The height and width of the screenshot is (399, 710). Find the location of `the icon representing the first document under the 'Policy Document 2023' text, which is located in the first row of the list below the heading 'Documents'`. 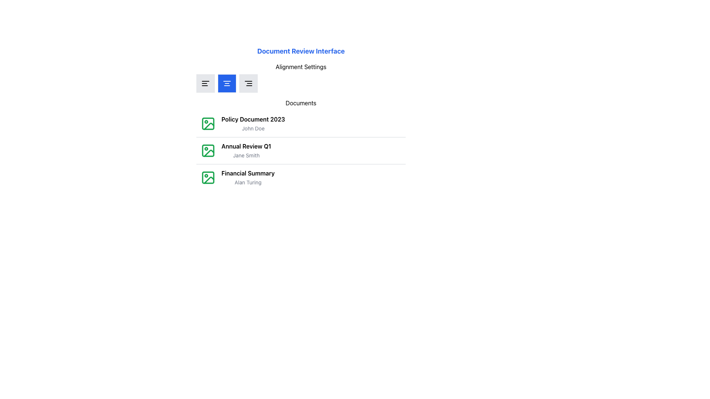

the icon representing the first document under the 'Policy Document 2023' text, which is located in the first row of the list below the heading 'Documents' is located at coordinates (207, 123).